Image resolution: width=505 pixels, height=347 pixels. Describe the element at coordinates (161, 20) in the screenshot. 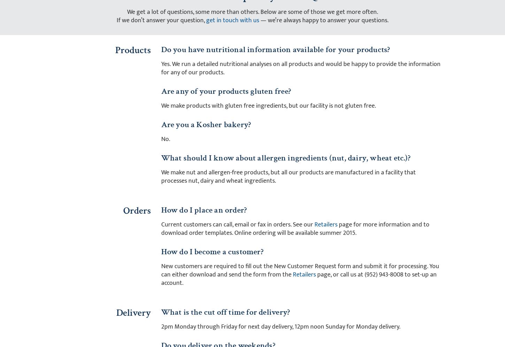

I see `'If we don’t answer your question,'` at that location.